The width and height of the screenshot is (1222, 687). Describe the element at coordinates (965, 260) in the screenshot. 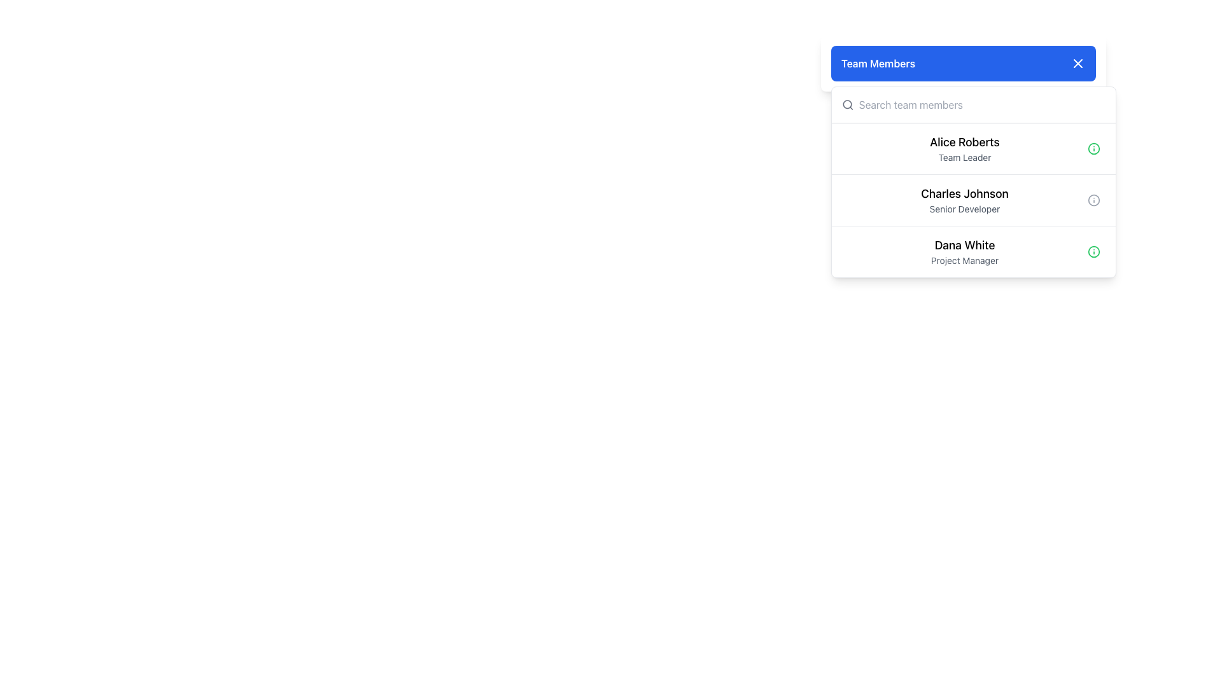

I see `the text label reading 'Project Manager' which is located directly below 'Dana White' in the 'Team Members' dropdown panel` at that location.